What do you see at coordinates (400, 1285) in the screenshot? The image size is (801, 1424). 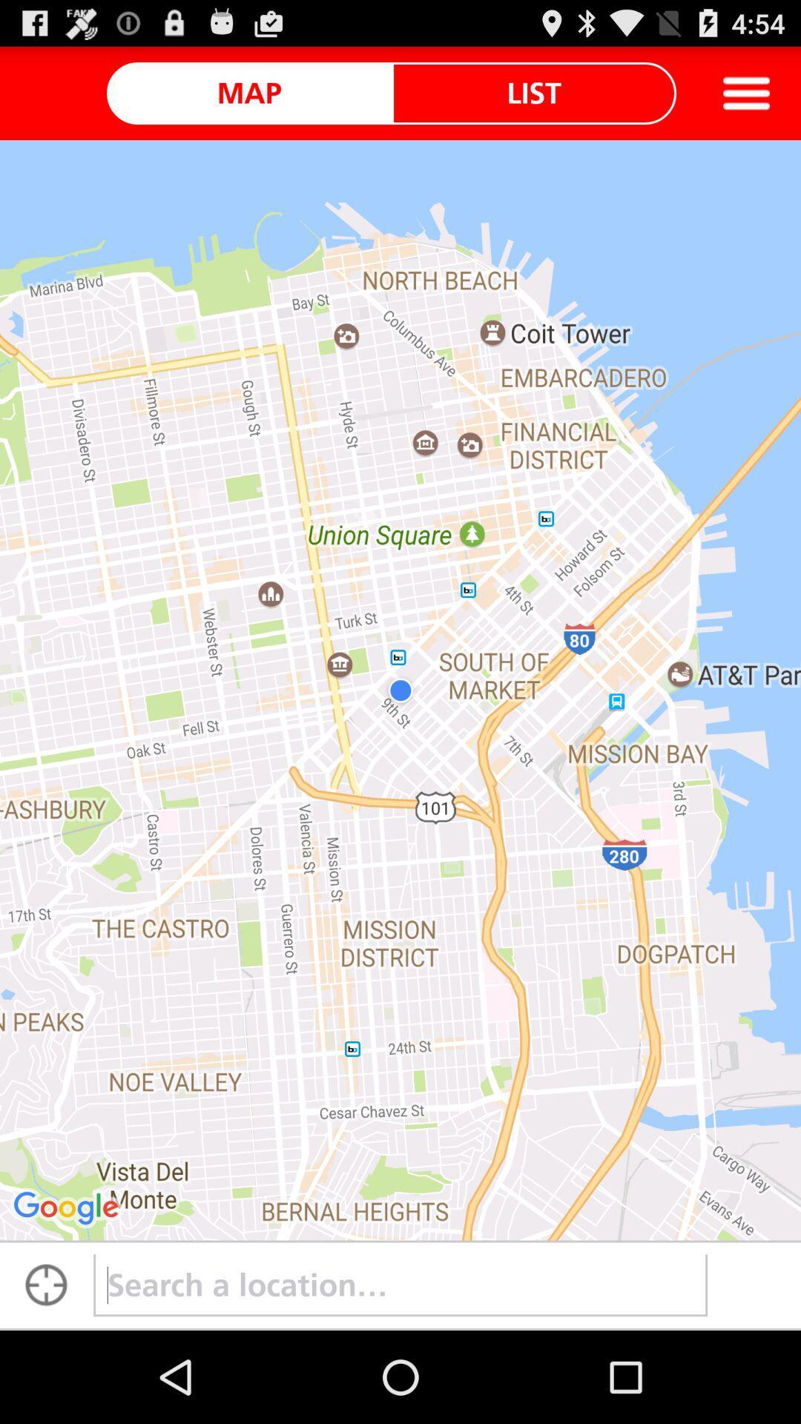 I see `click on search box` at bounding box center [400, 1285].